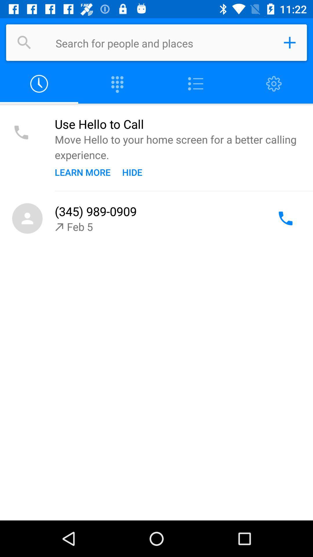 The width and height of the screenshot is (313, 557). I want to click on show the current time, so click(39, 84).